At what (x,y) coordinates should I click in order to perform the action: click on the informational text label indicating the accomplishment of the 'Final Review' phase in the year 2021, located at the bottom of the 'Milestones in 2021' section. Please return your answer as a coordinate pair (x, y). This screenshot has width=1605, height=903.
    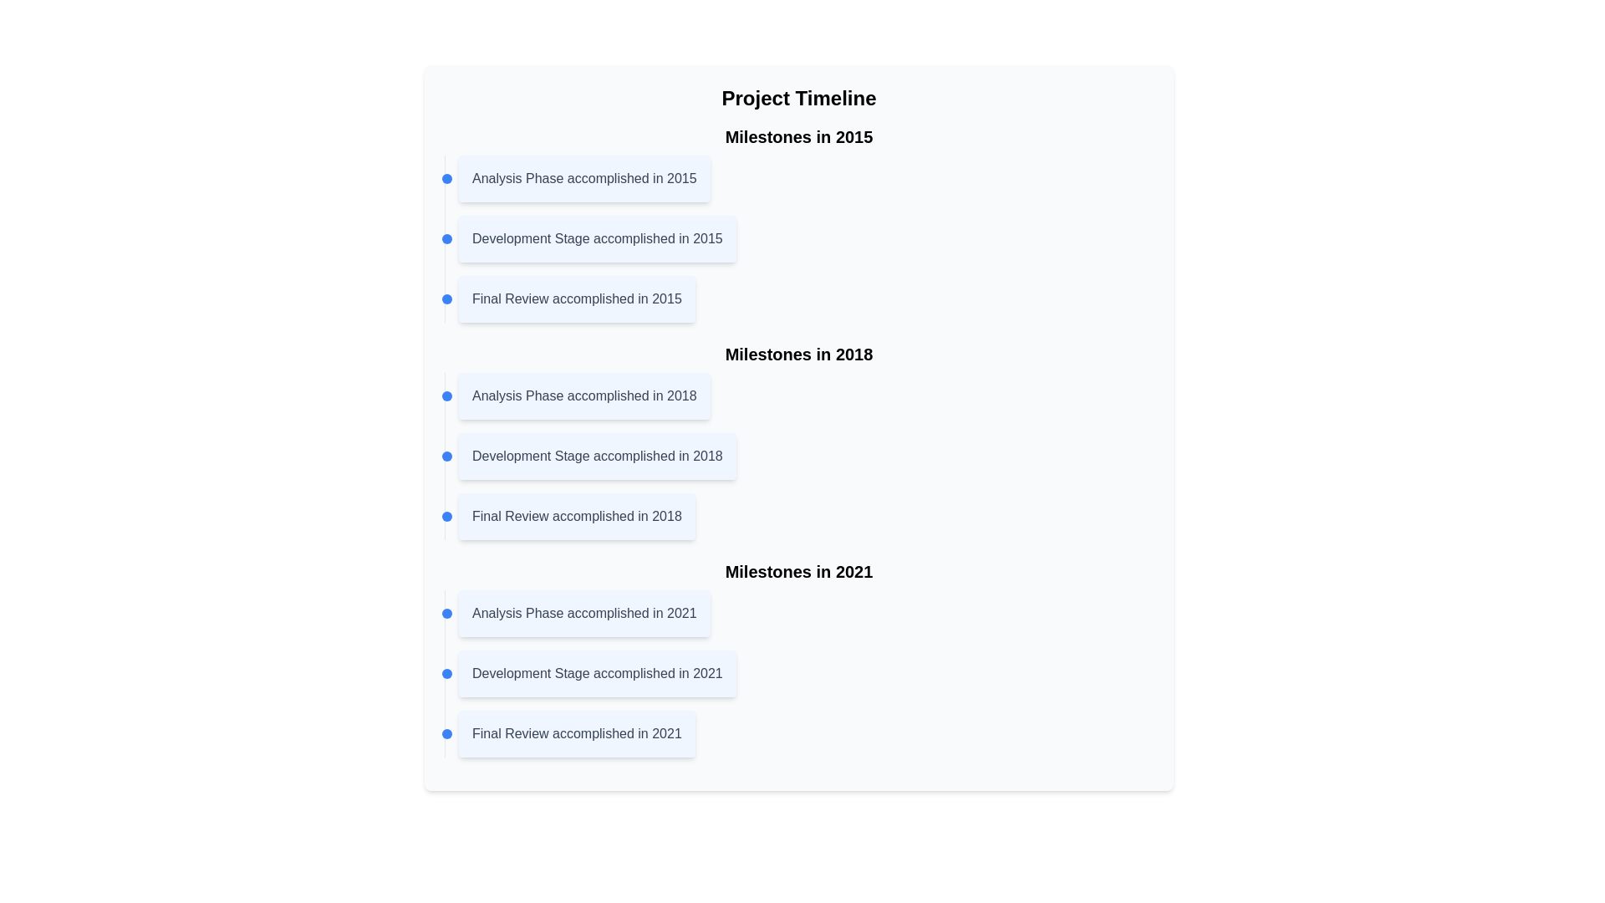
    Looking at the image, I should click on (577, 733).